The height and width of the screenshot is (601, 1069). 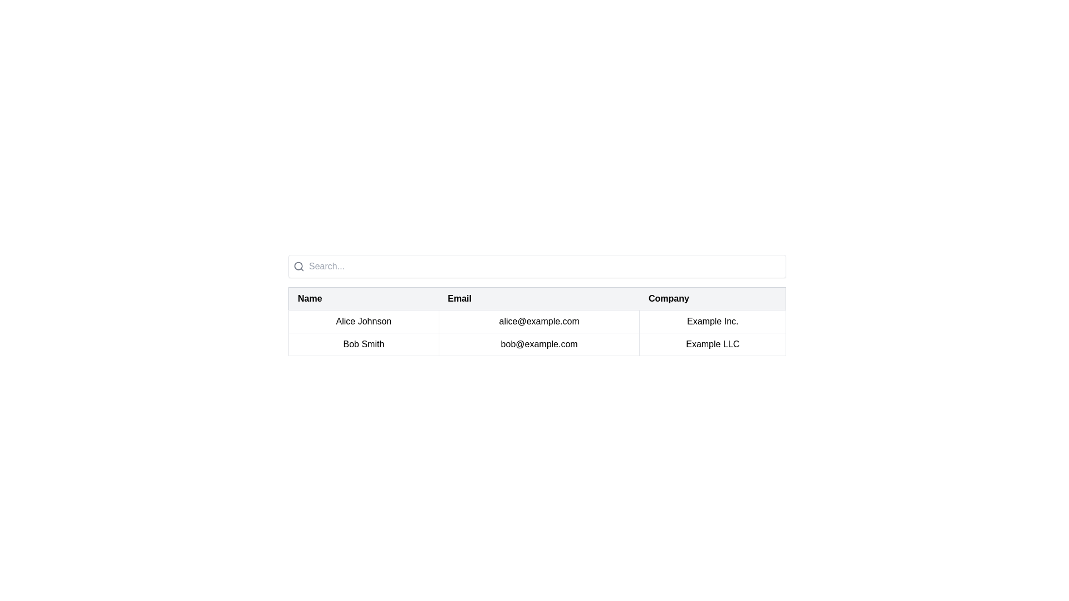 I want to click on the second row in the user data table to highlight or select it, so click(x=537, y=343).